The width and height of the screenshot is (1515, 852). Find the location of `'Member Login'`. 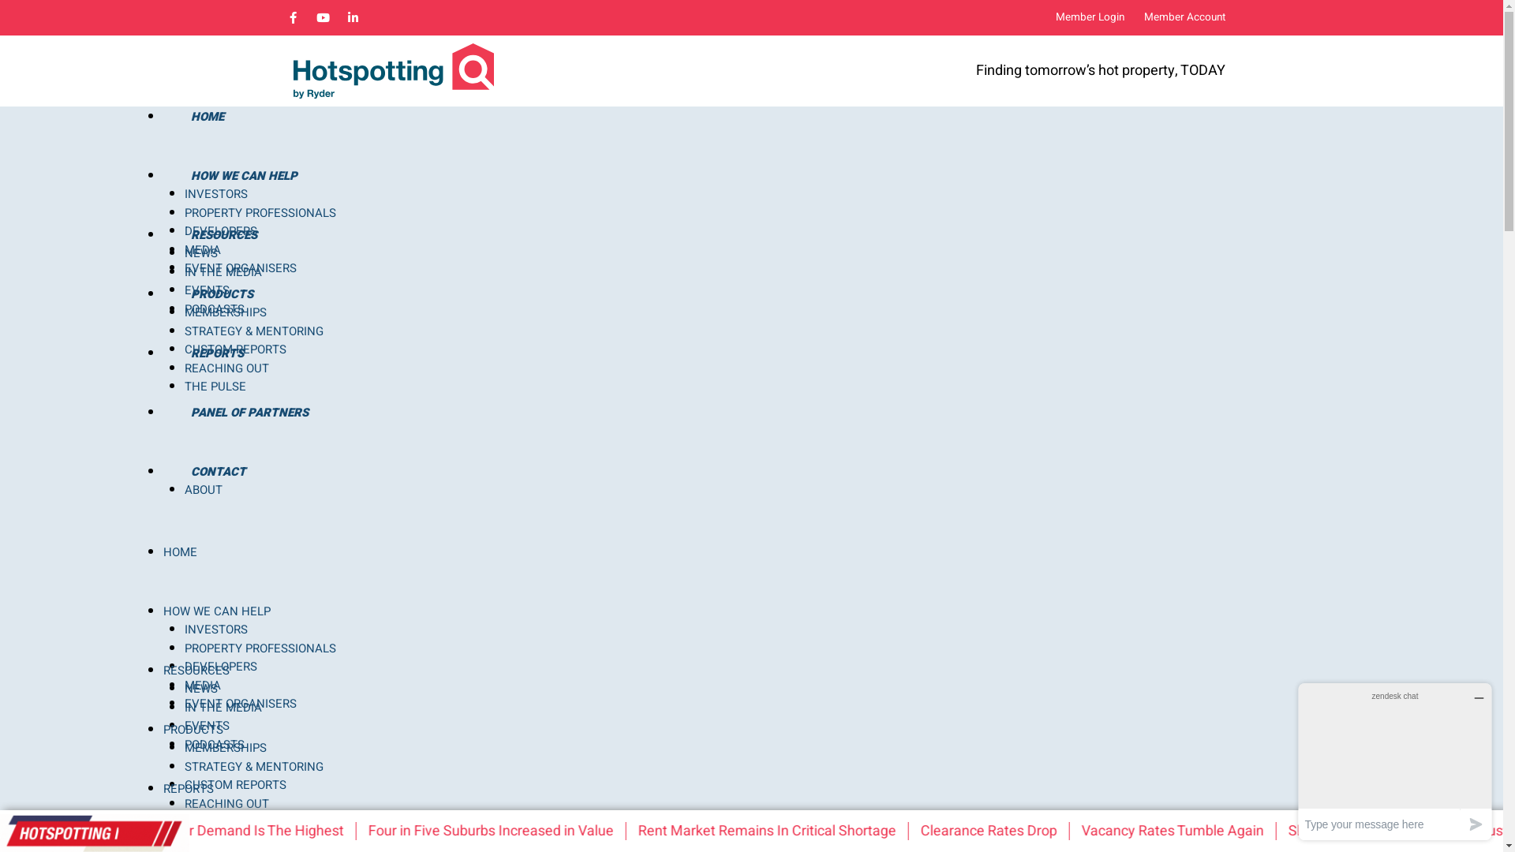

'Member Login' is located at coordinates (1089, 18).